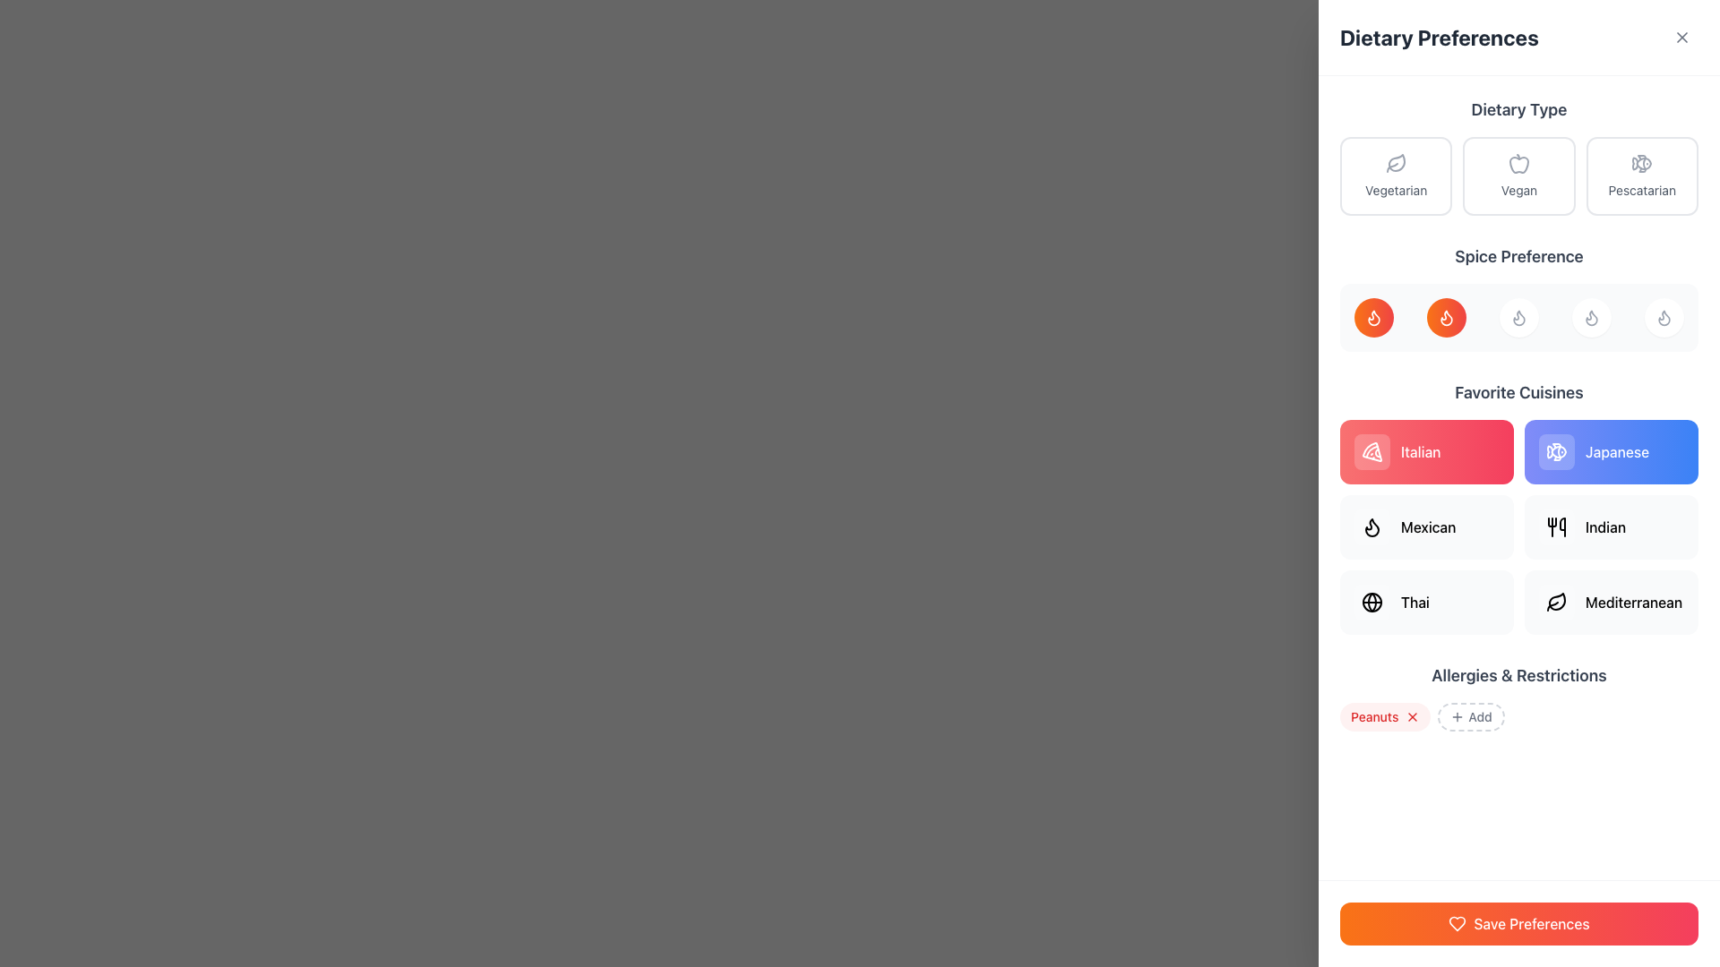  I want to click on the 'Vegetarian' dietary preference option selector, which features a gray leaf icon above the text 'Vegetarian' in a small gray font, so click(1395, 175).